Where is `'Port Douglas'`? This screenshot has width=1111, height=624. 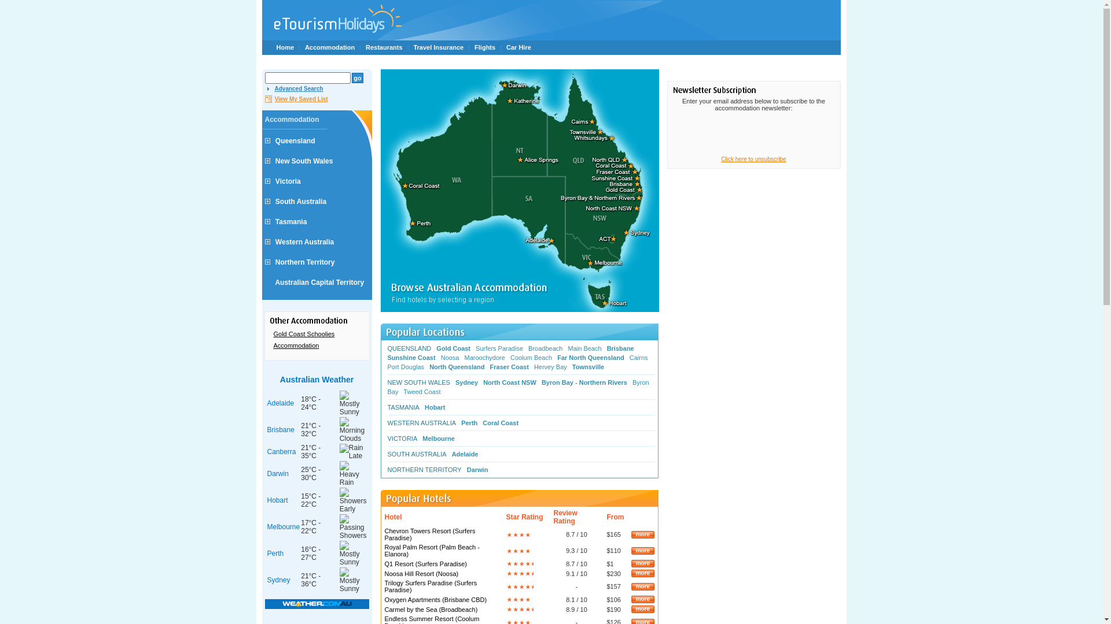 'Port Douglas' is located at coordinates (408, 367).